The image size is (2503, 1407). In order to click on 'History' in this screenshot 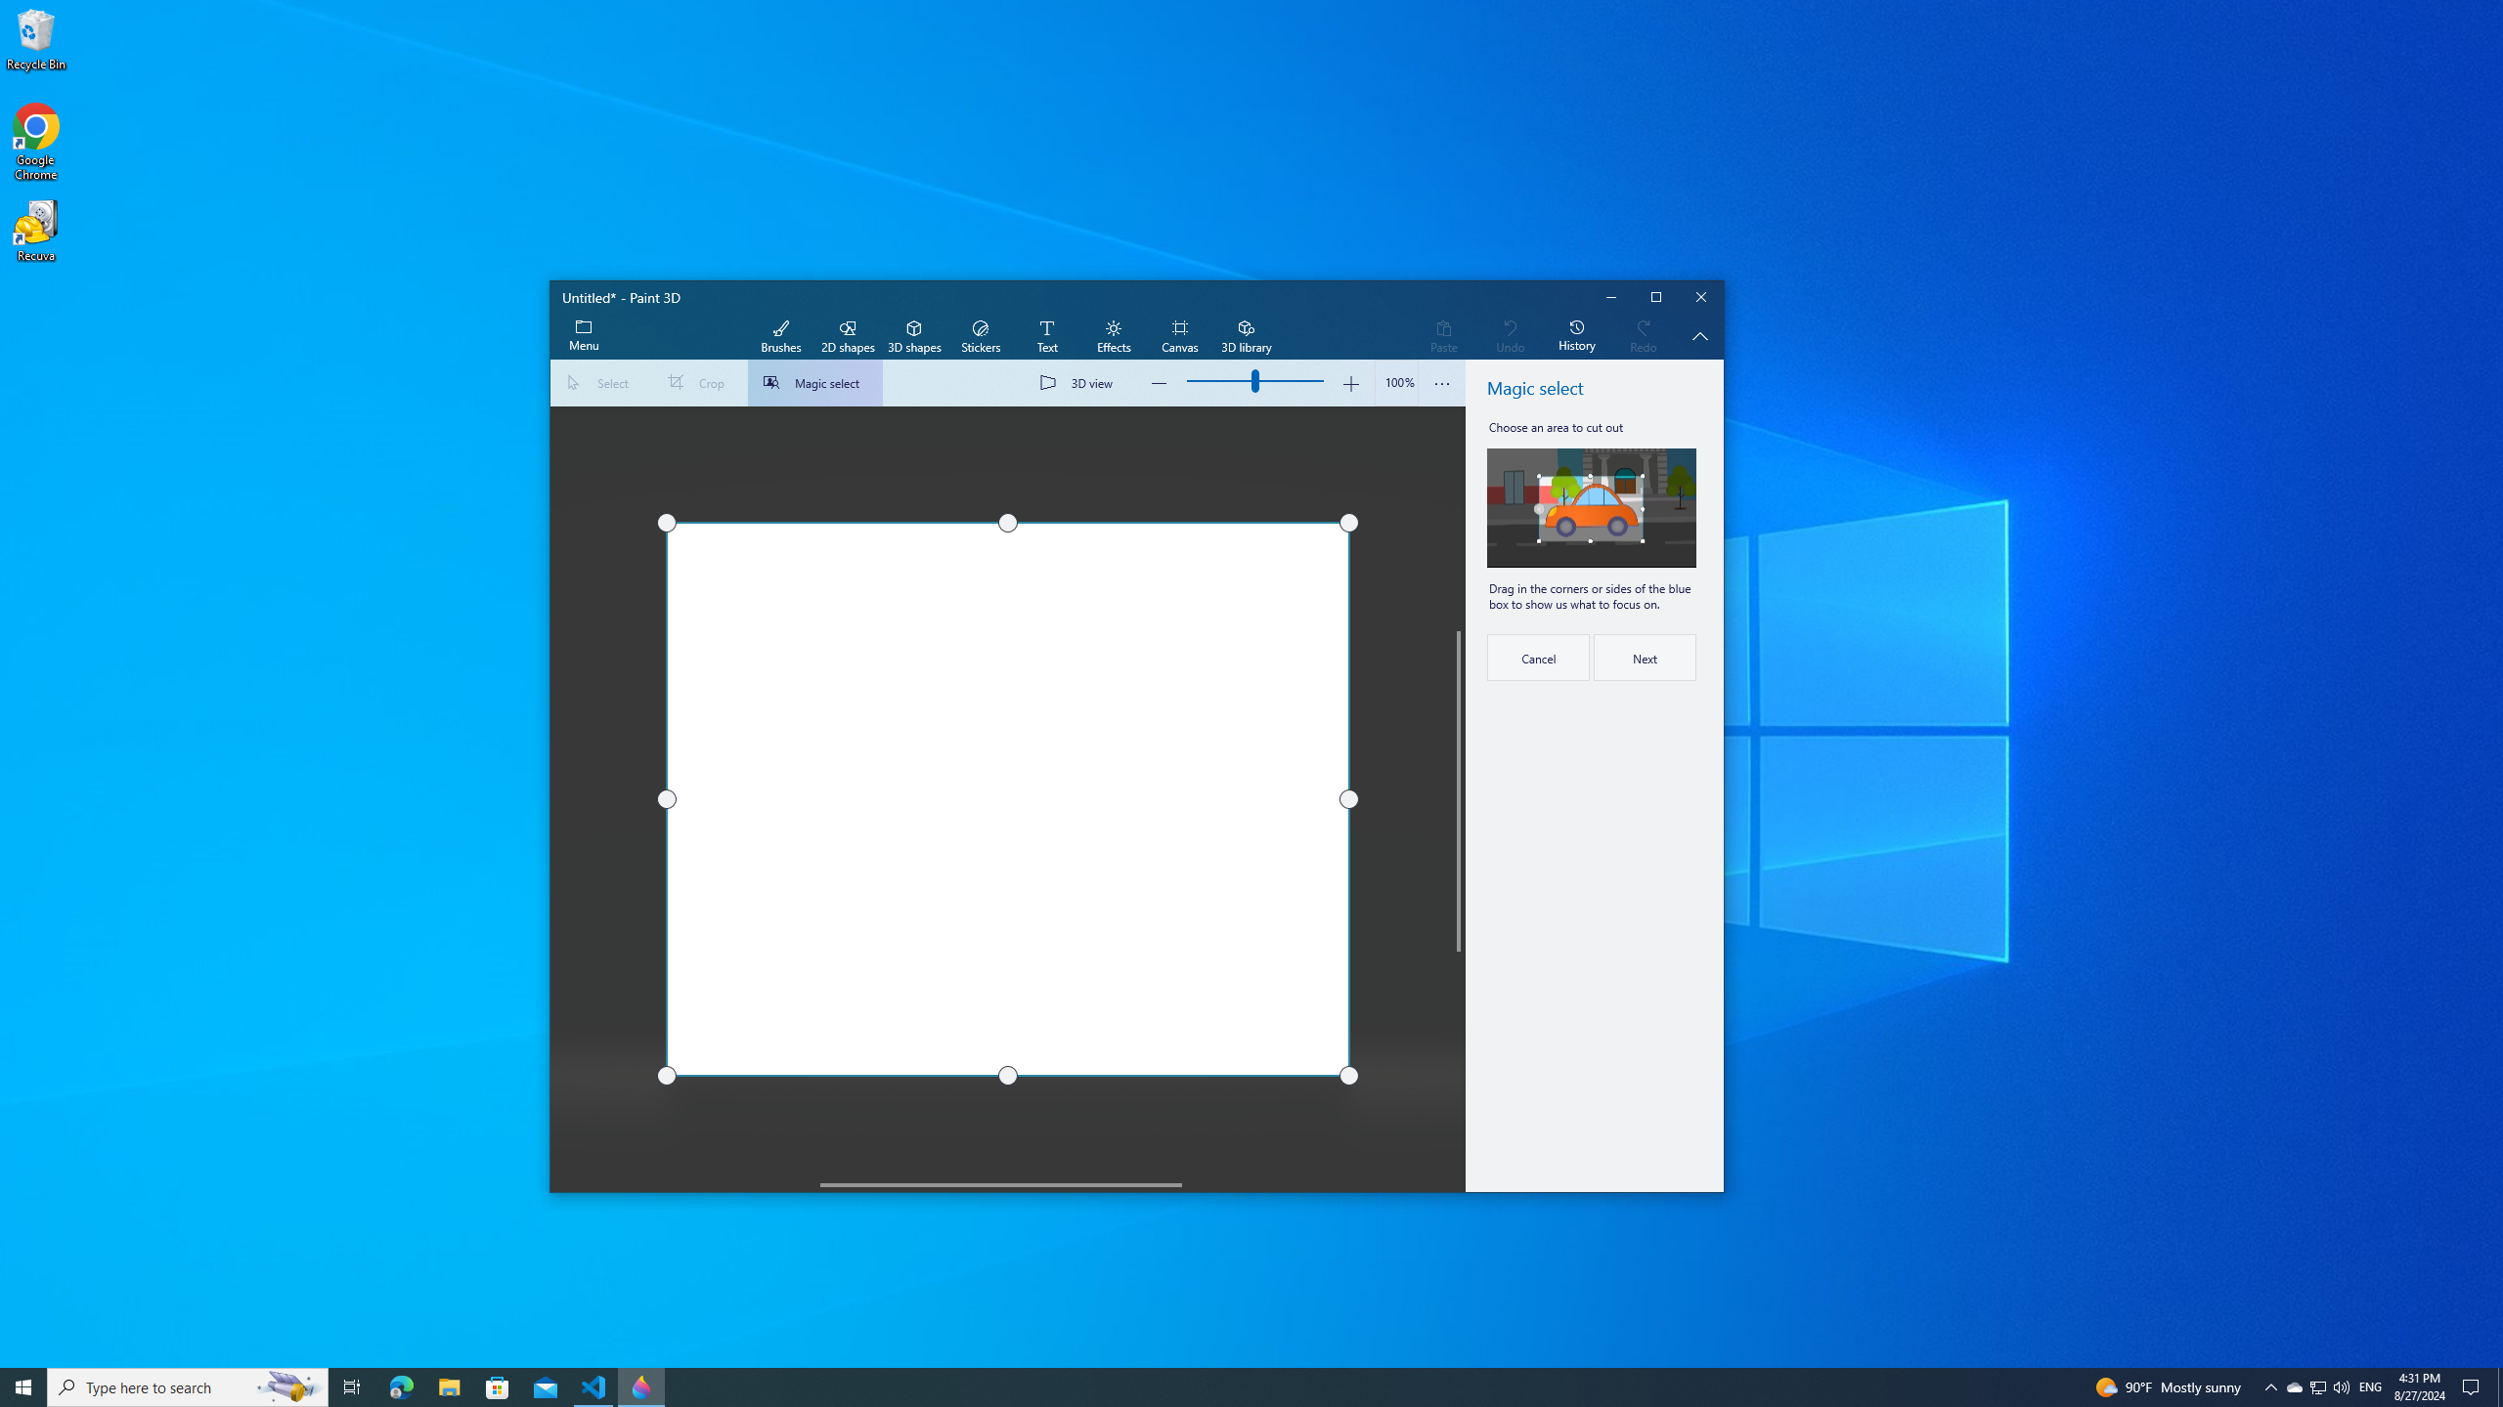, I will do `click(1575, 336)`.